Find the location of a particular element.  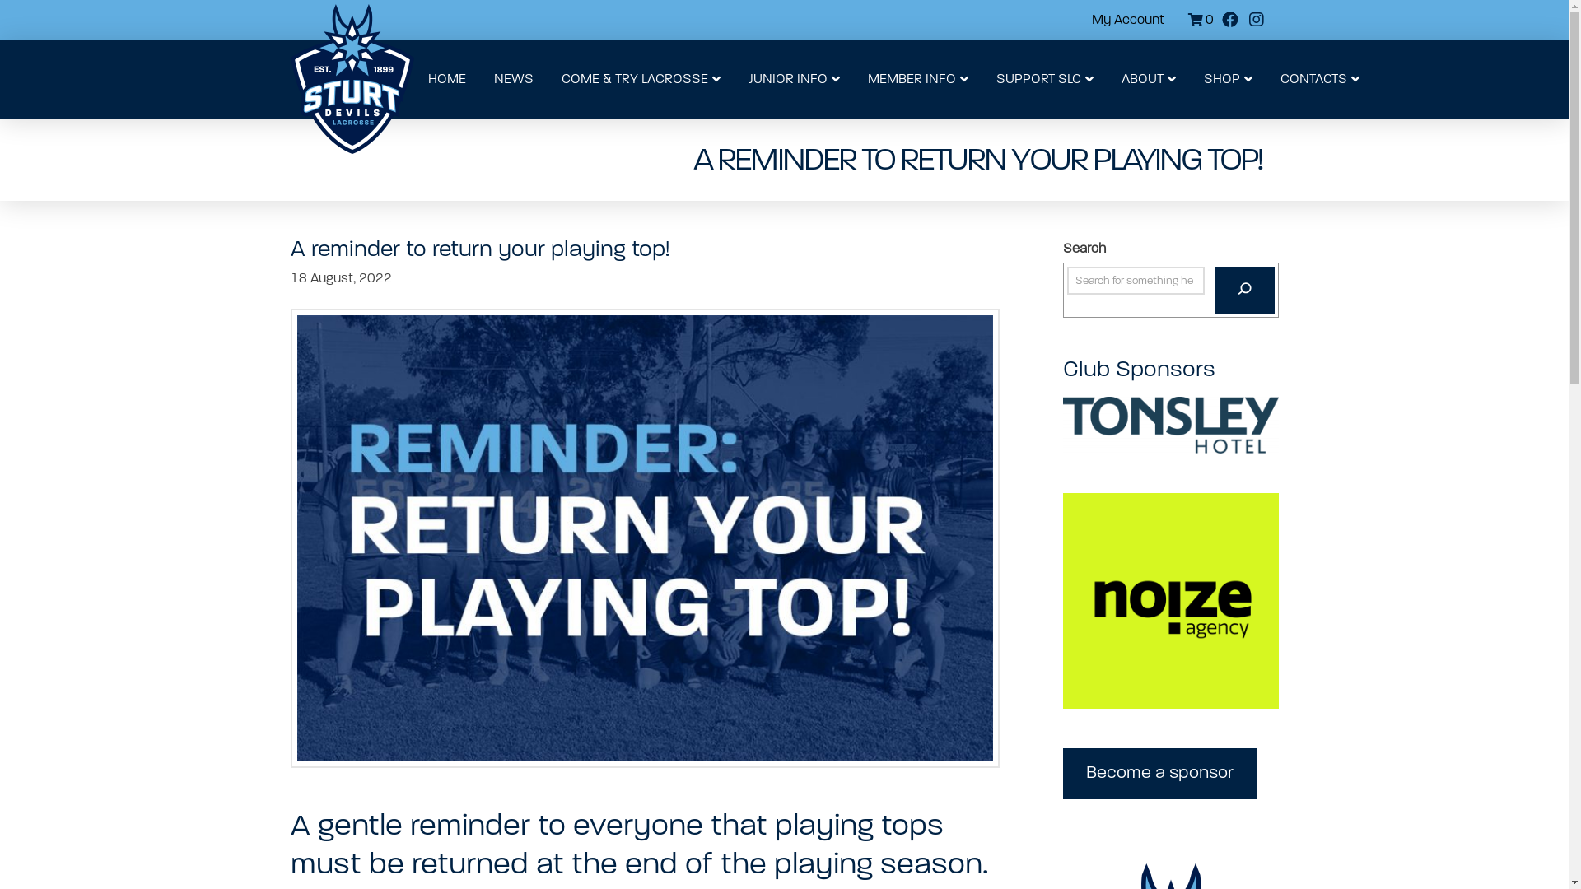

'ABOUT' is located at coordinates (1146, 79).